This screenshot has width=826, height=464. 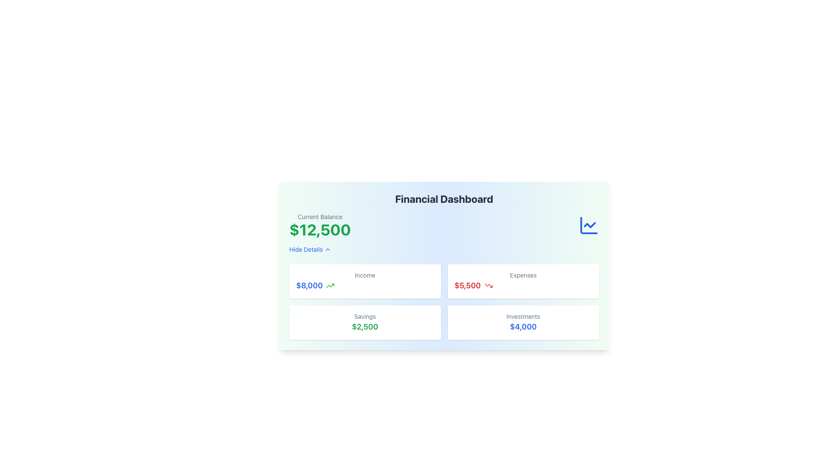 I want to click on the 'Savings' text label displayed in a small-sized, gray font, located within a white rounded-corner box above the '$2,500' text in the financial dashboard, so click(x=365, y=316).